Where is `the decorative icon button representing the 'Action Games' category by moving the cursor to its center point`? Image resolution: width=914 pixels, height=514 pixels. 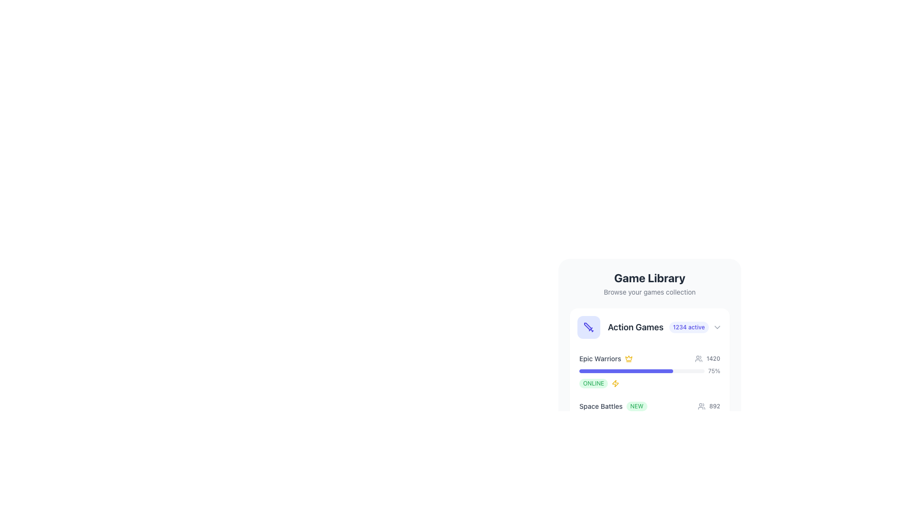 the decorative icon button representing the 'Action Games' category by moving the cursor to its center point is located at coordinates (588, 326).